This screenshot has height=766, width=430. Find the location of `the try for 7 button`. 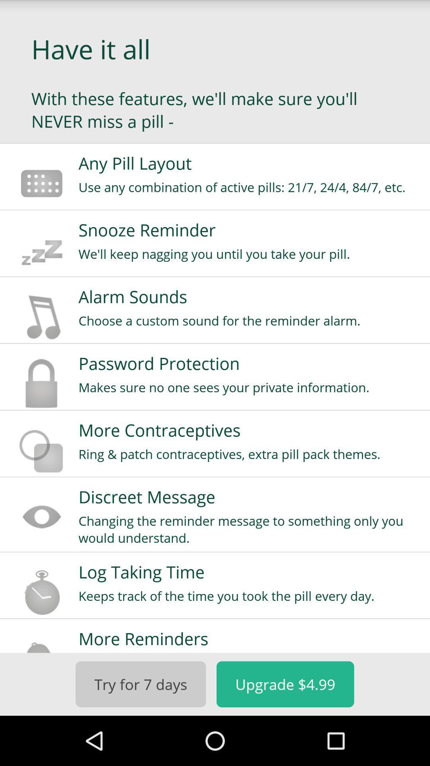

the try for 7 button is located at coordinates (140, 684).